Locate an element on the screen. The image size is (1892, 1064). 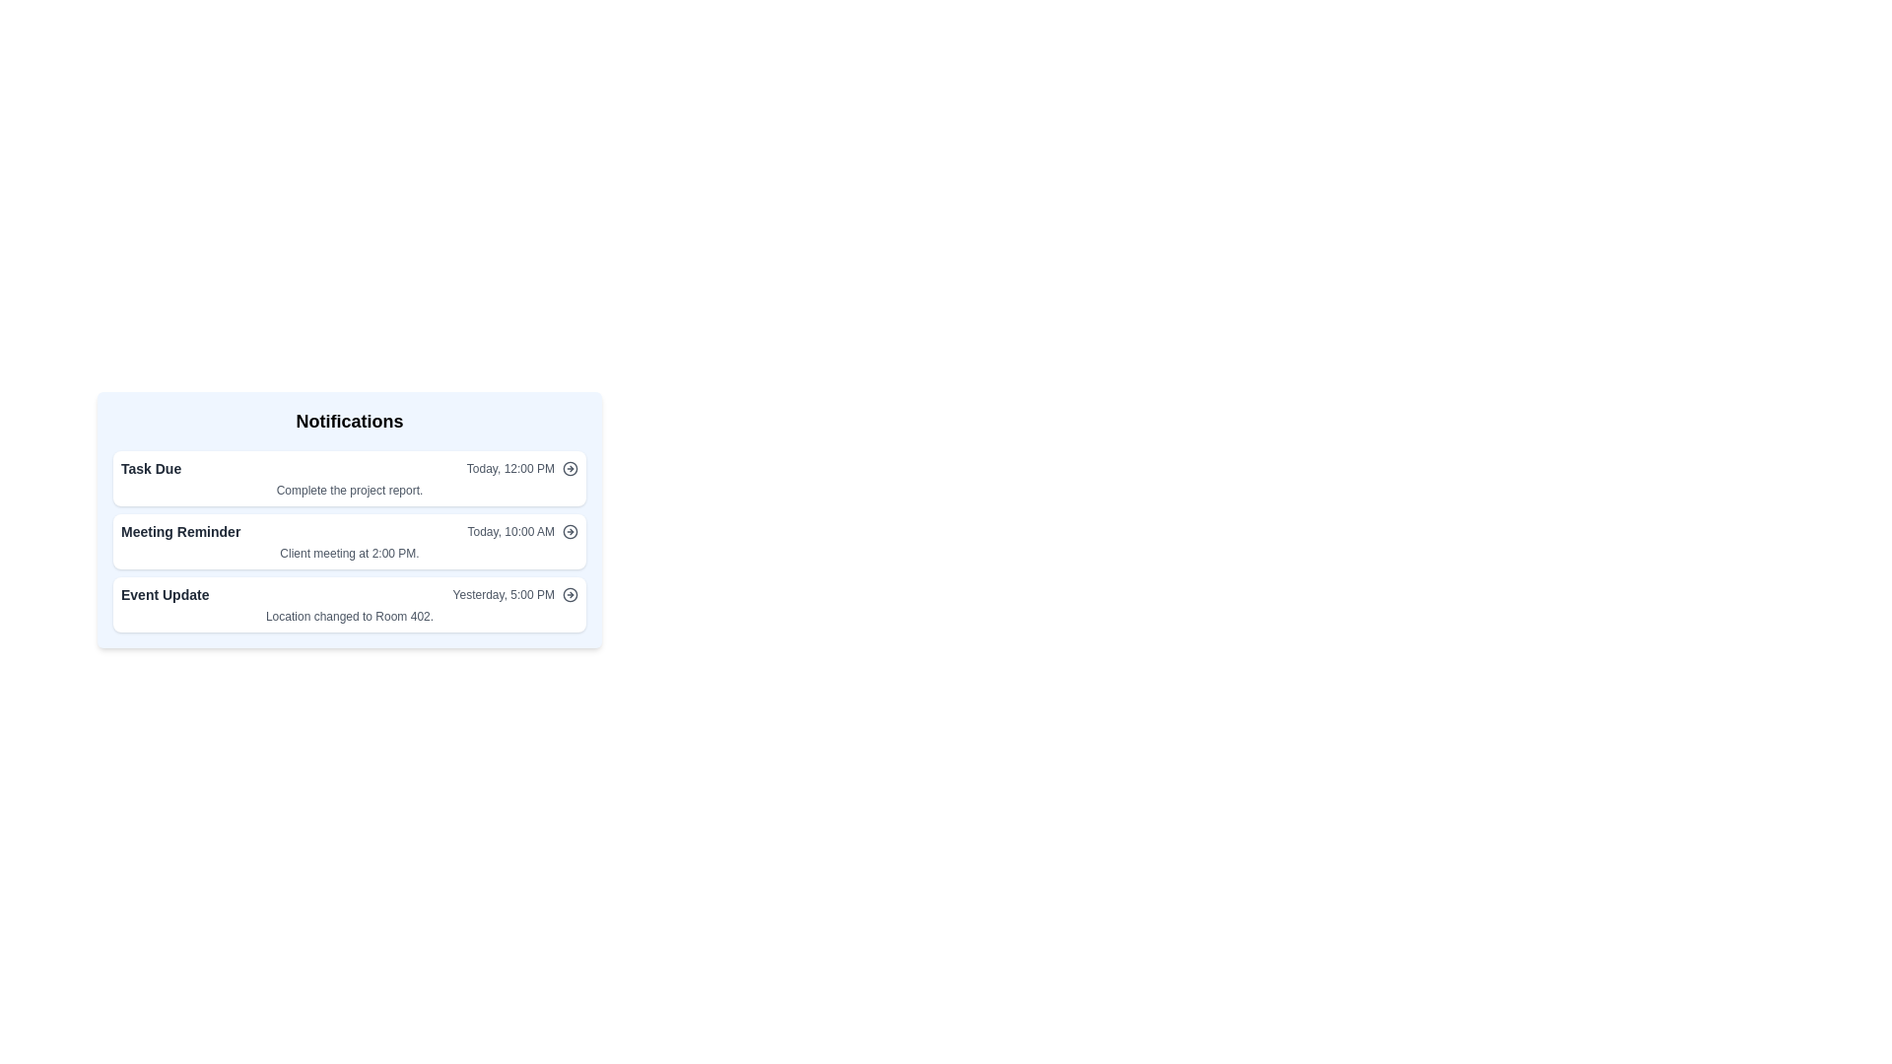
the circular icon with a right-pointing arrow, located to the right of the text 'Today, 12:00 PM' is located at coordinates (570, 468).